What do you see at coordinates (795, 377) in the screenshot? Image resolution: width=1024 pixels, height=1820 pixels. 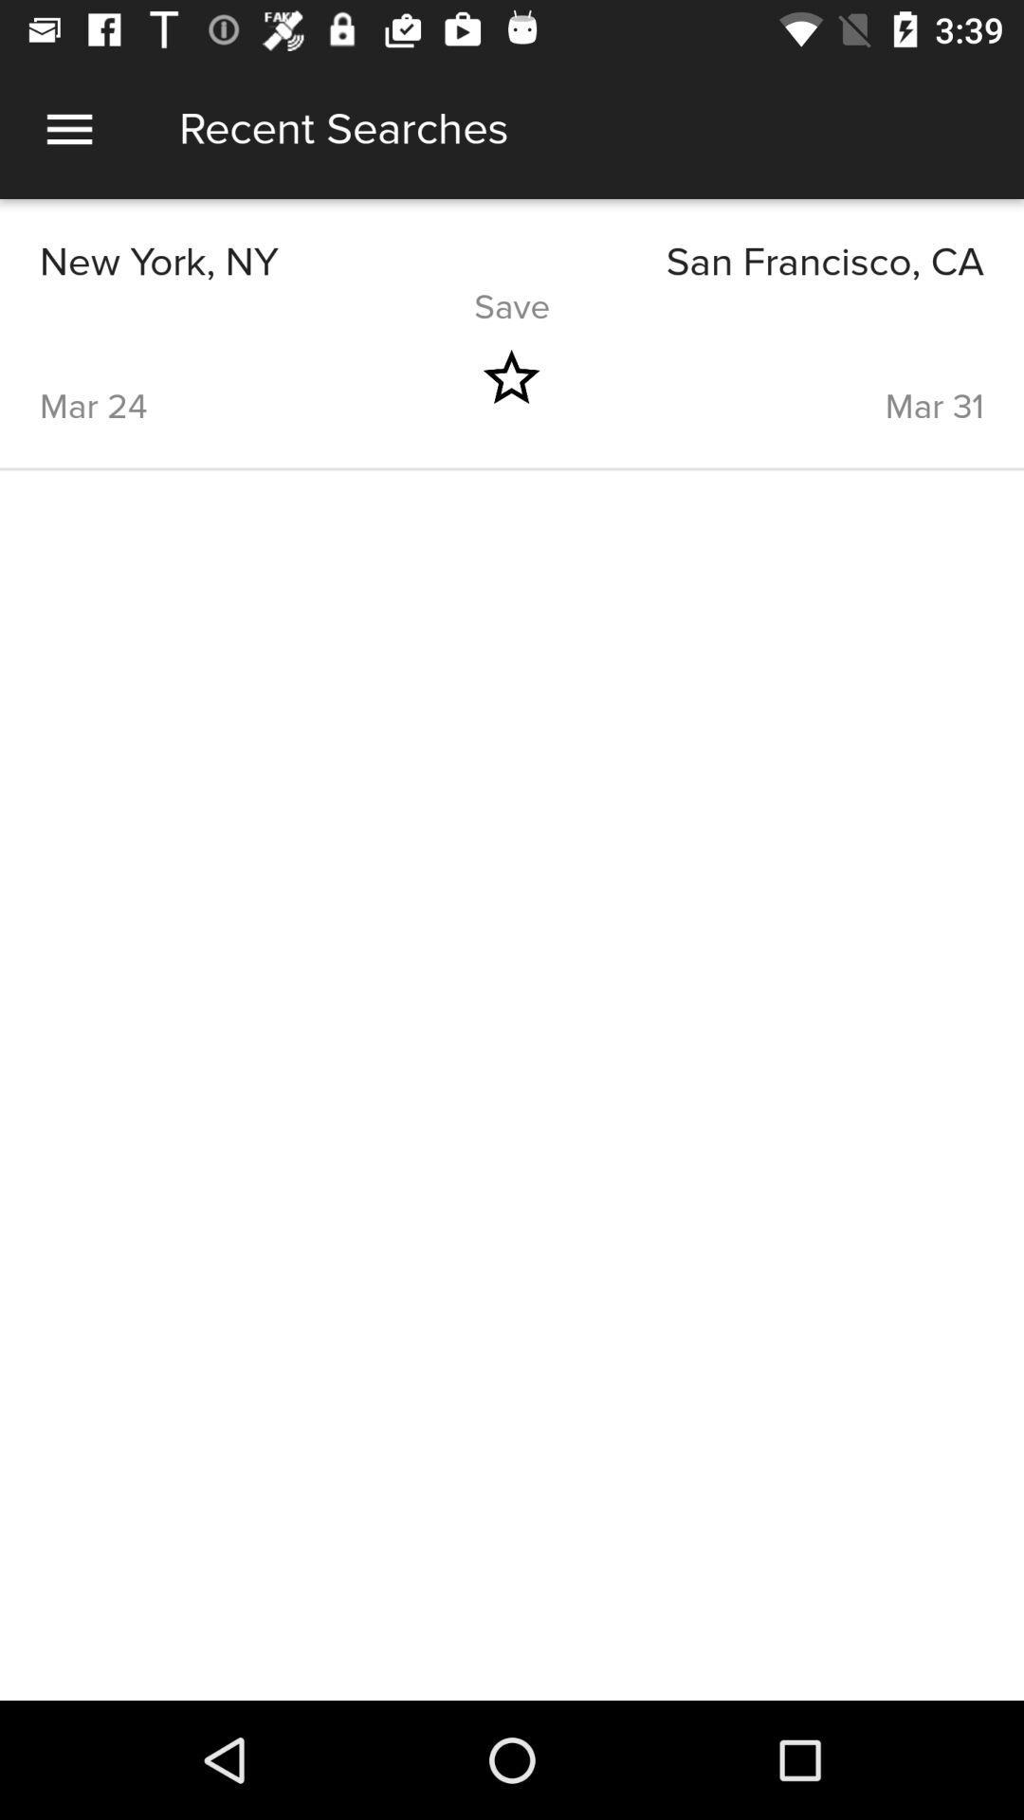 I see `the icon below the save` at bounding box center [795, 377].